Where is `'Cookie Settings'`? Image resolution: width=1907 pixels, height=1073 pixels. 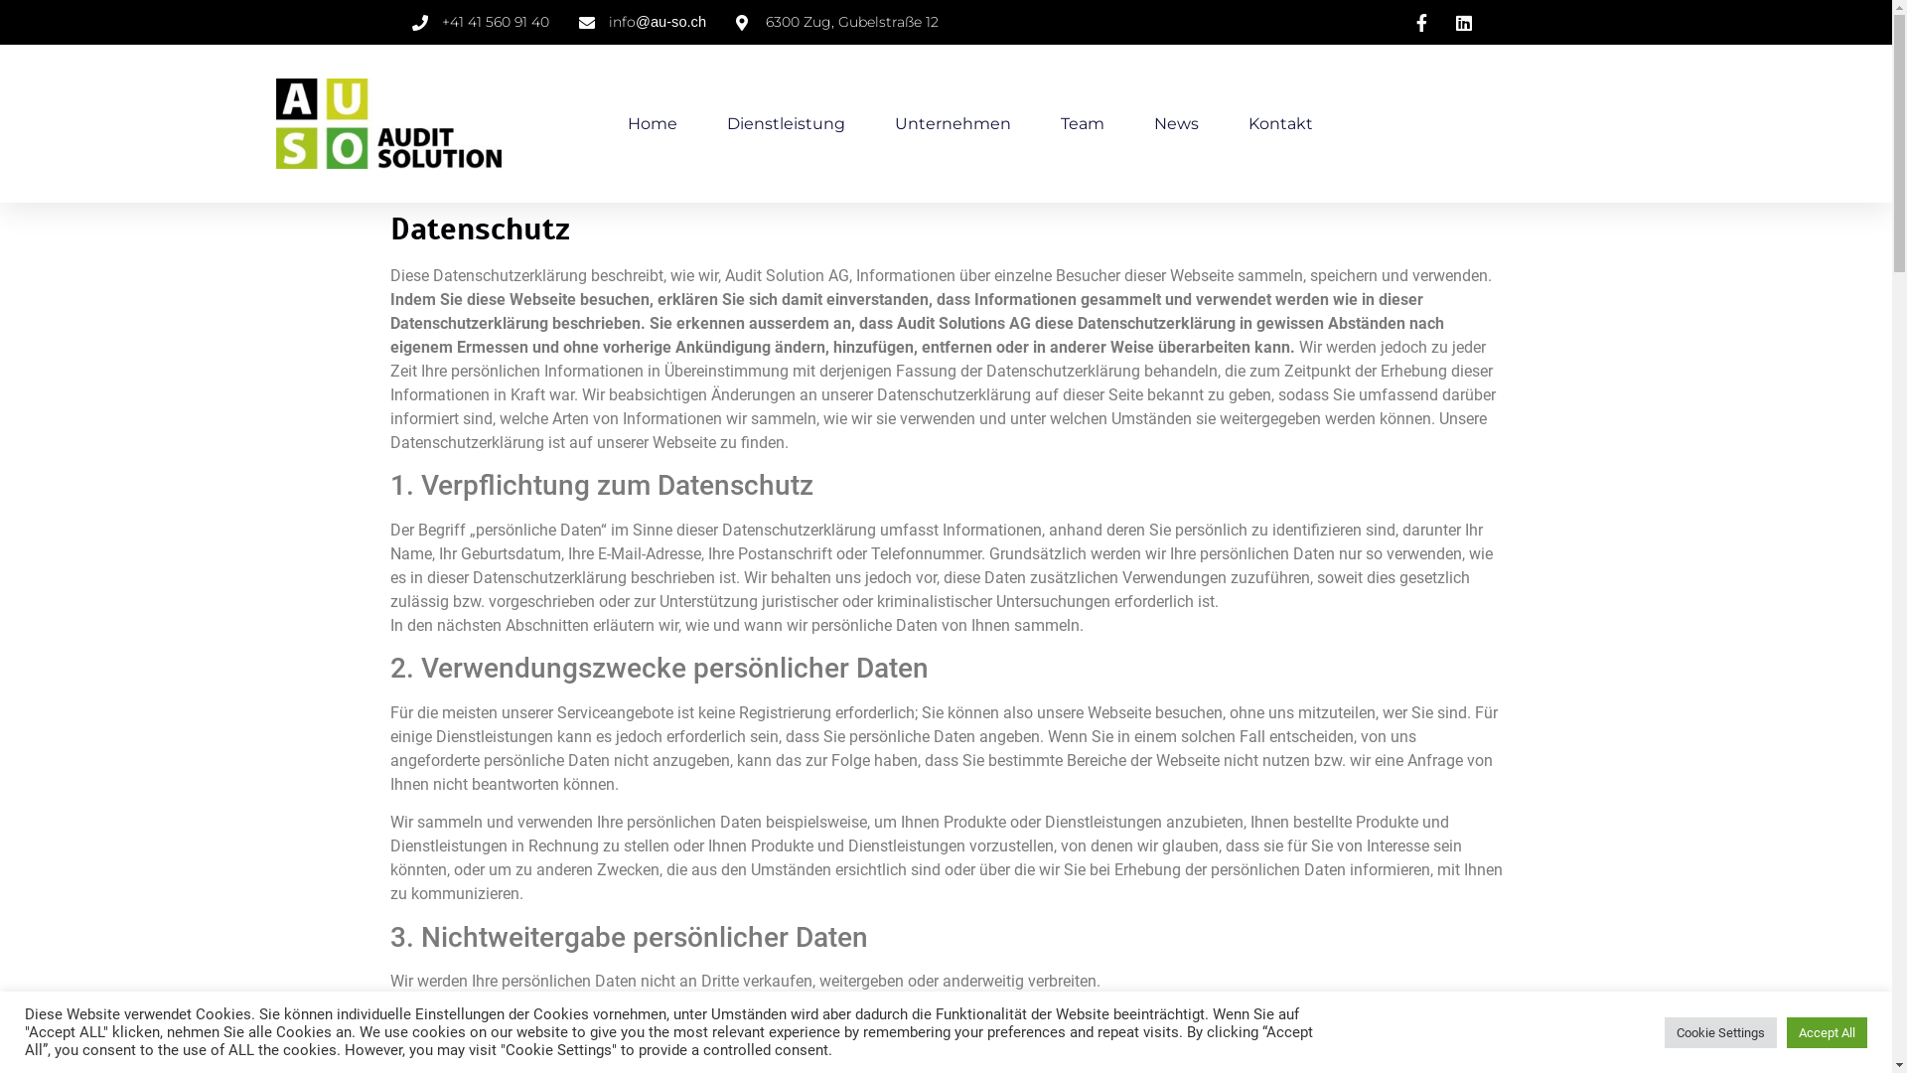 'Cookie Settings' is located at coordinates (1664, 1031).